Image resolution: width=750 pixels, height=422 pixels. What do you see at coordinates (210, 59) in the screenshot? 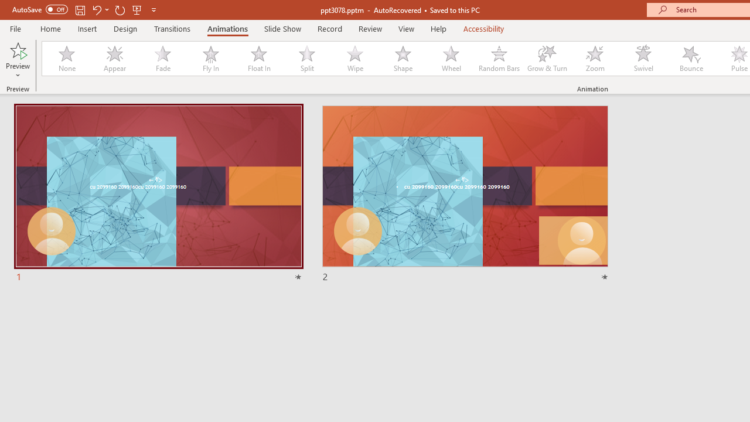
I see `'Fly In'` at bounding box center [210, 59].